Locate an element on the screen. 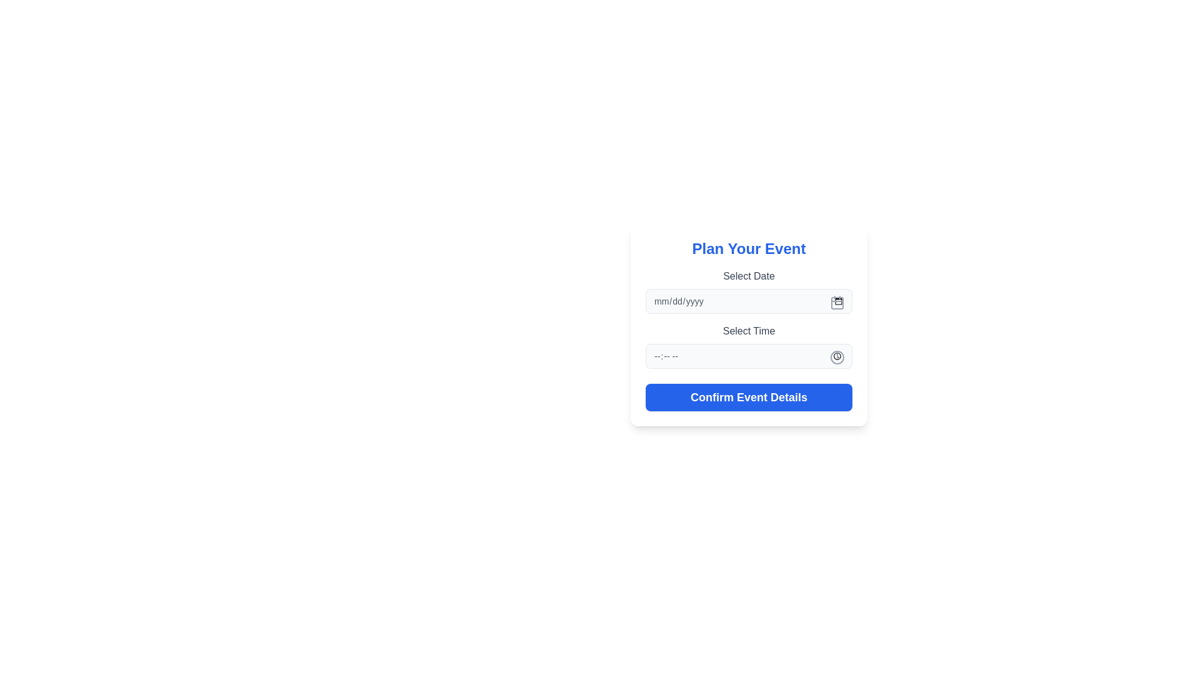 The width and height of the screenshot is (1199, 674). the calendar icon located on the right edge of the 'Select Date' input field in the 'Plan Your Event' form is located at coordinates (837, 303).